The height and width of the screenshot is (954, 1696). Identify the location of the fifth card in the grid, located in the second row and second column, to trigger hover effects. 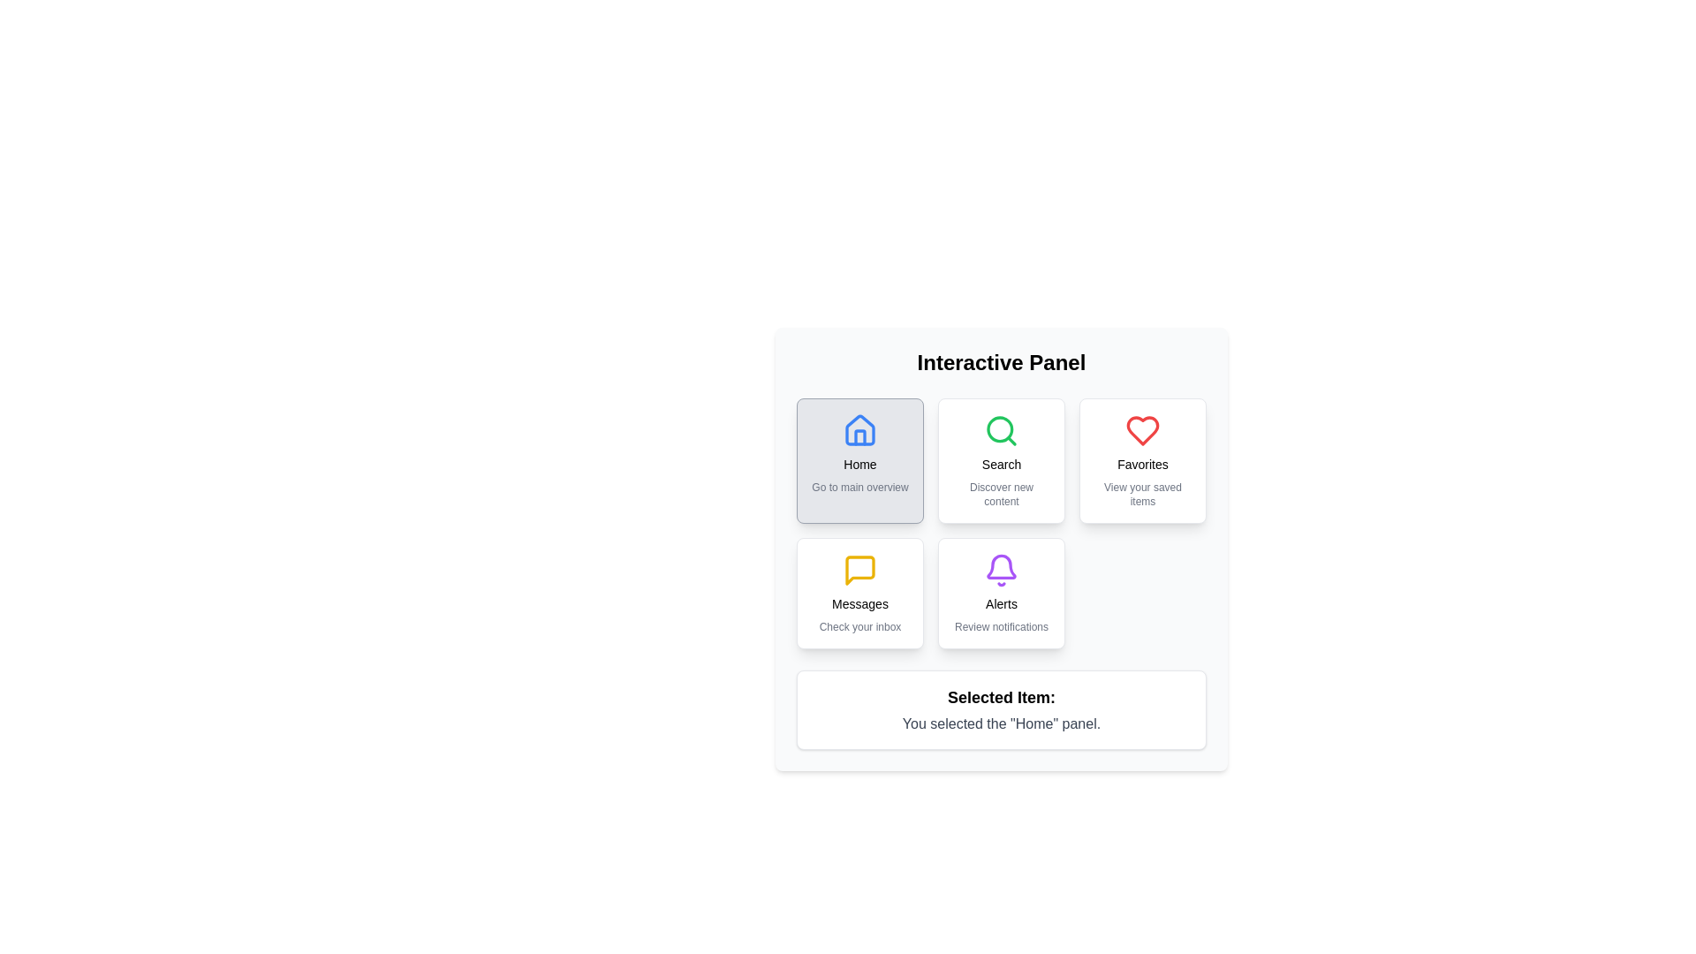
(1001, 593).